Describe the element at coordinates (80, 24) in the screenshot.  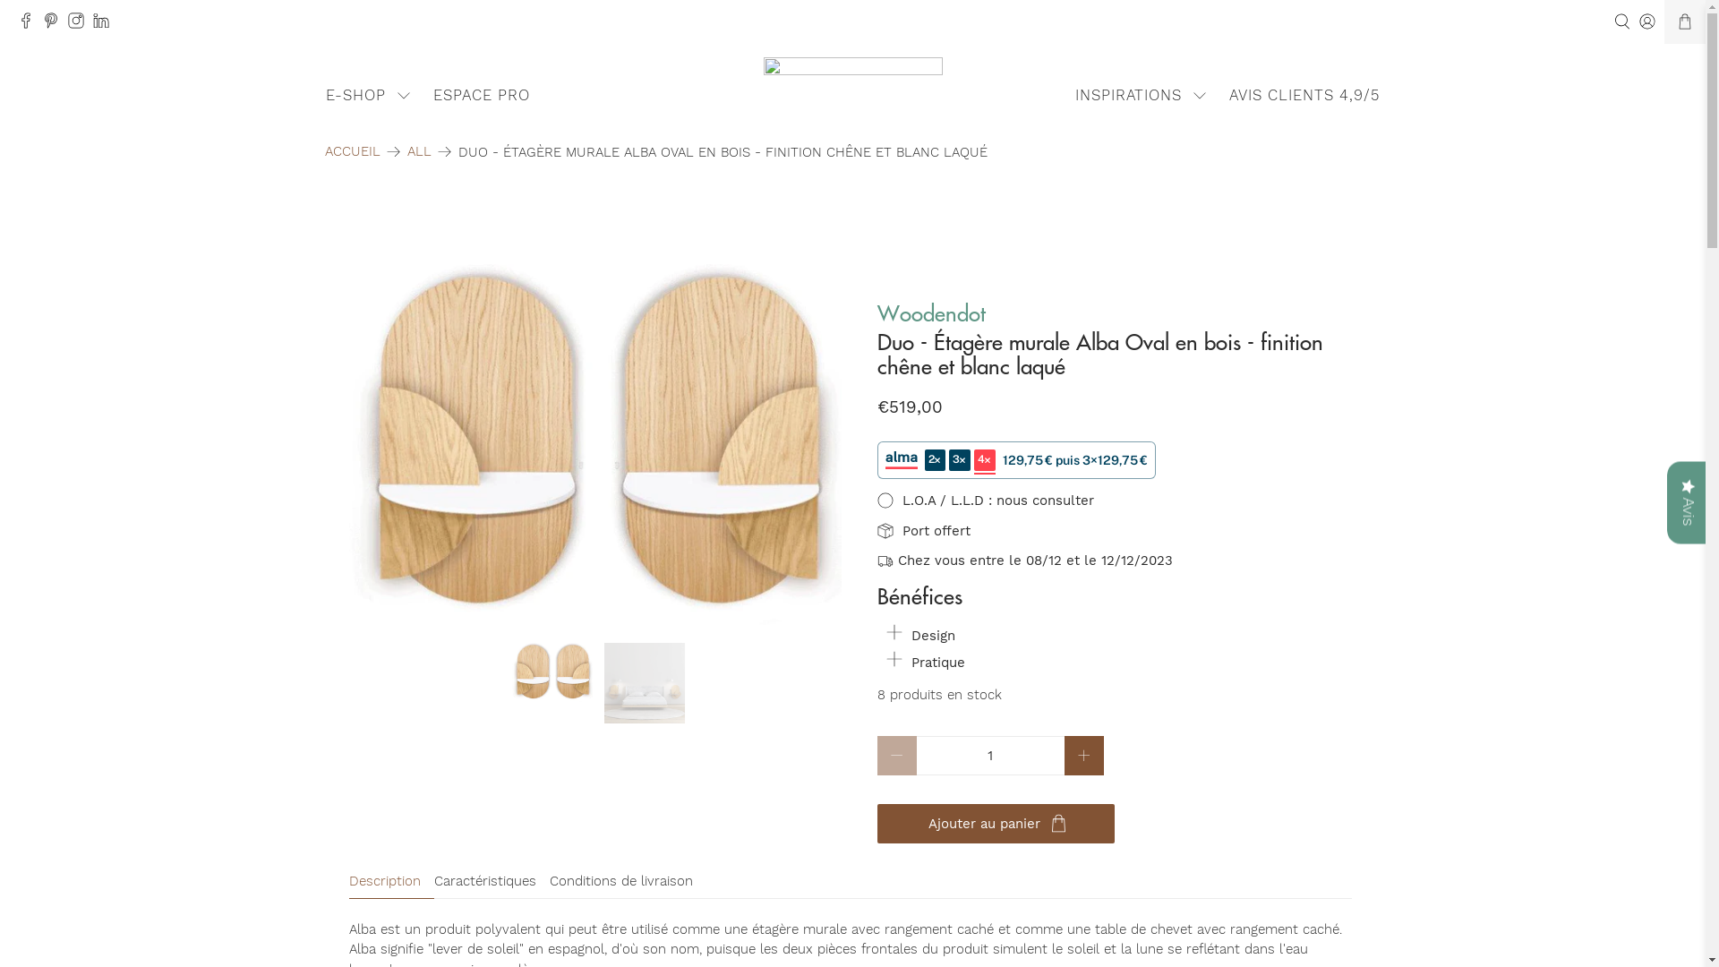
I see `'37+ Design on Instagram'` at that location.